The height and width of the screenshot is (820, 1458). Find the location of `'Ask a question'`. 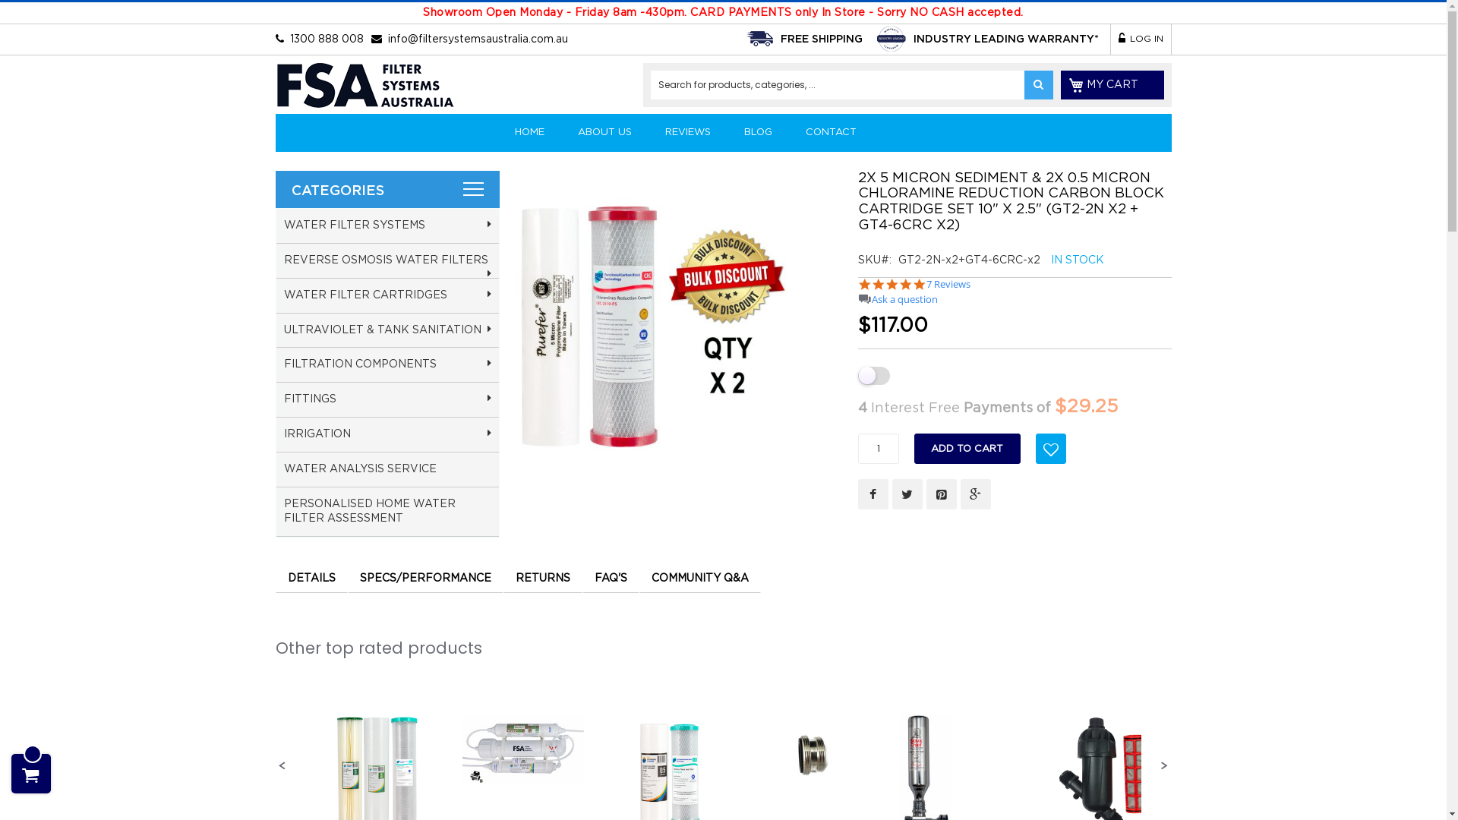

'Ask a question' is located at coordinates (904, 299).